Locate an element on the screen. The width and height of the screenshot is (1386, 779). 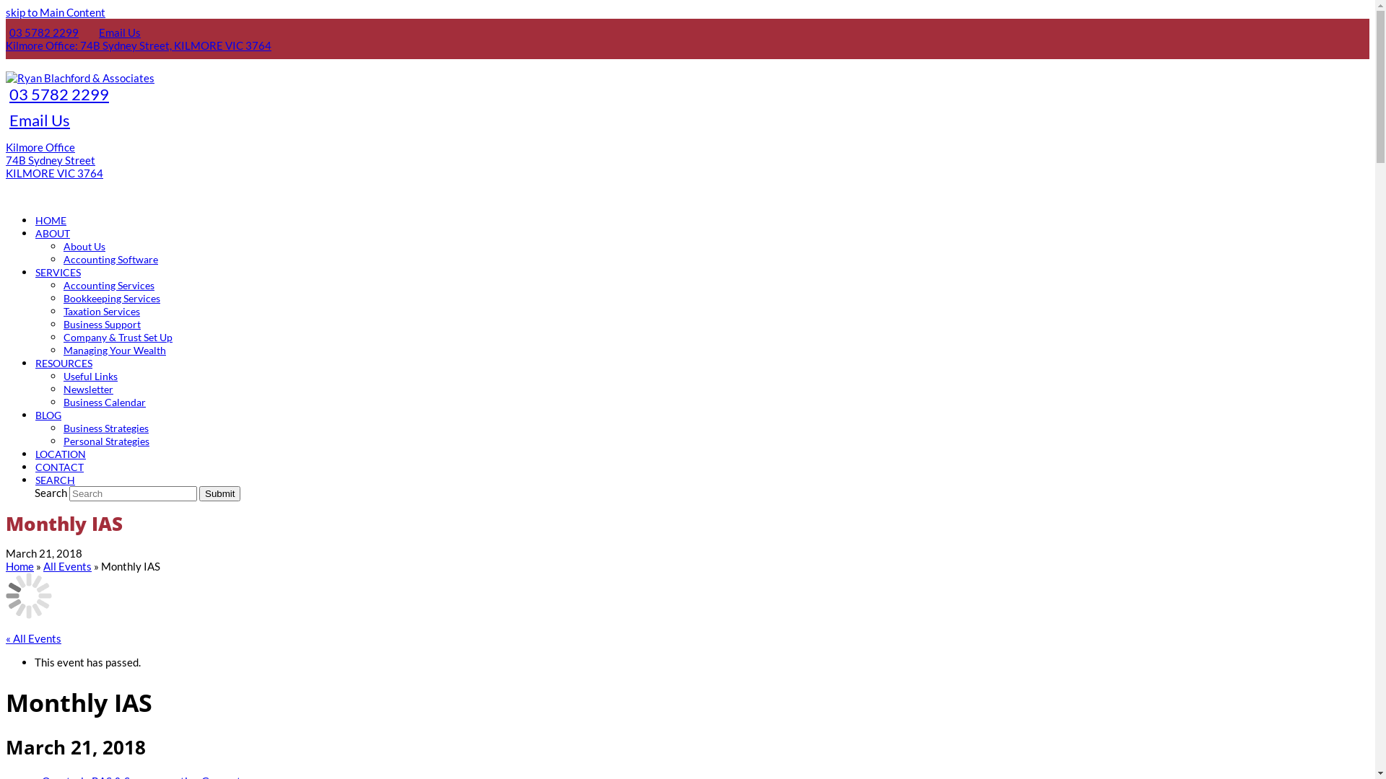
'Accounting Software' is located at coordinates (110, 258).